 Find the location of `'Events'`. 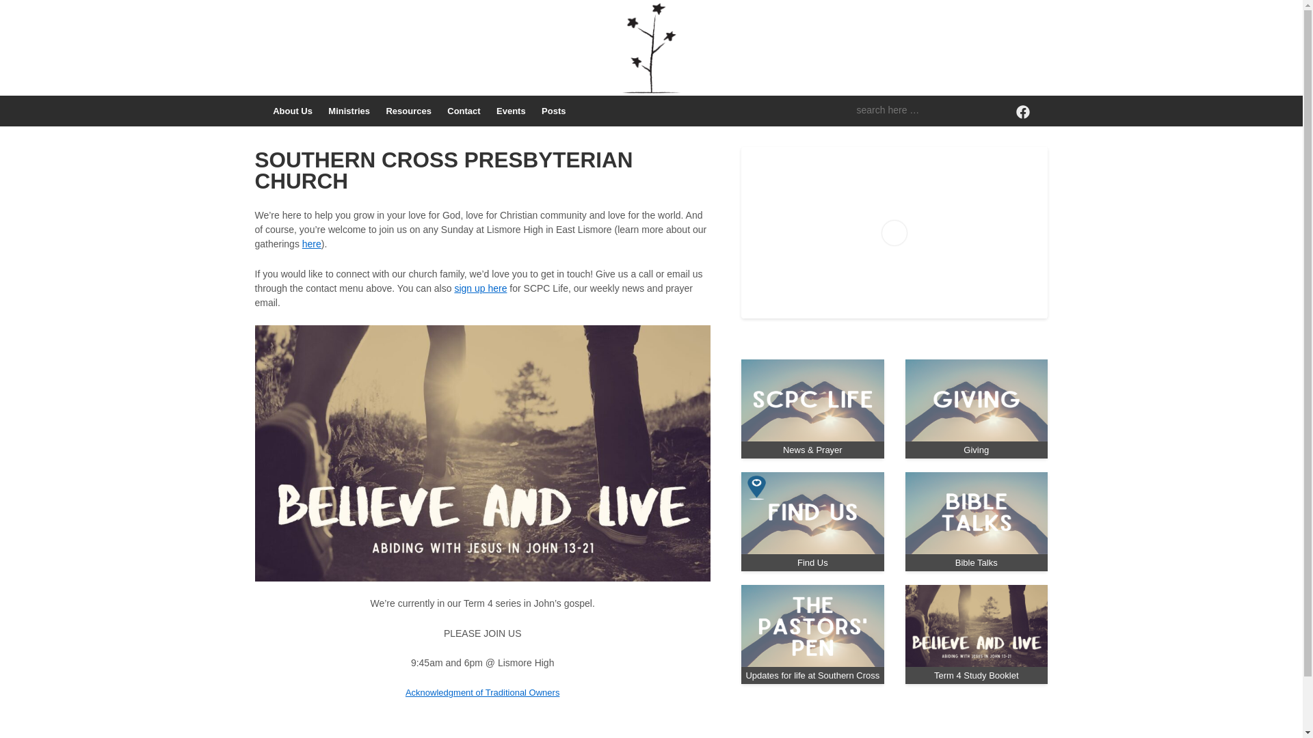

'Events' is located at coordinates (510, 110).